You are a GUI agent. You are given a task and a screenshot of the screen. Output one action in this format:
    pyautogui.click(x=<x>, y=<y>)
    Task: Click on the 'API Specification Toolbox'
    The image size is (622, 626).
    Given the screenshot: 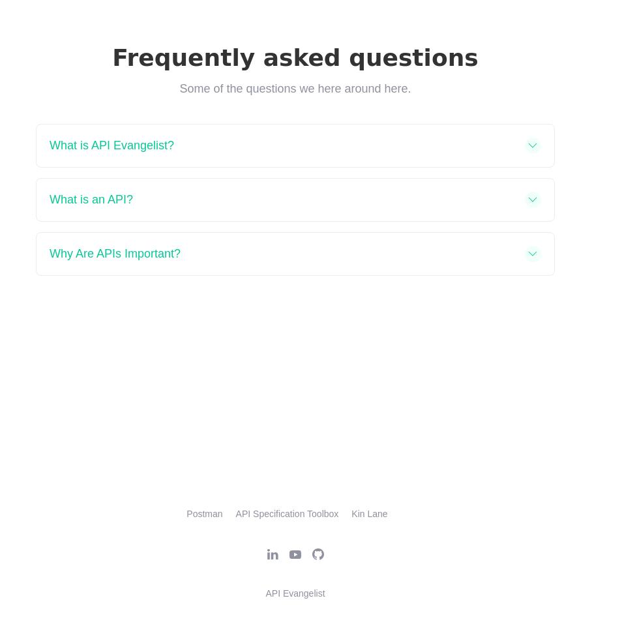 What is the action you would take?
    pyautogui.click(x=286, y=513)
    